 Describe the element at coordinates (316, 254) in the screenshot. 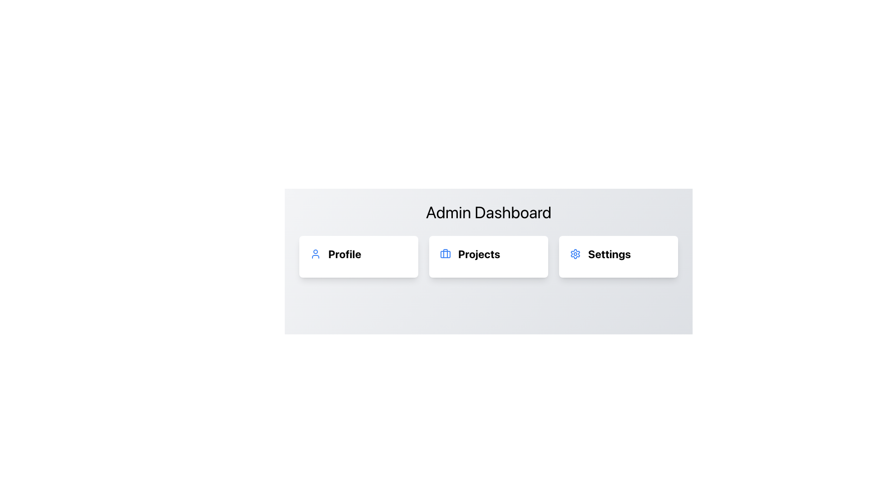

I see `the blue user silhouette icon located in the top-left of the 'Profile' card` at that location.